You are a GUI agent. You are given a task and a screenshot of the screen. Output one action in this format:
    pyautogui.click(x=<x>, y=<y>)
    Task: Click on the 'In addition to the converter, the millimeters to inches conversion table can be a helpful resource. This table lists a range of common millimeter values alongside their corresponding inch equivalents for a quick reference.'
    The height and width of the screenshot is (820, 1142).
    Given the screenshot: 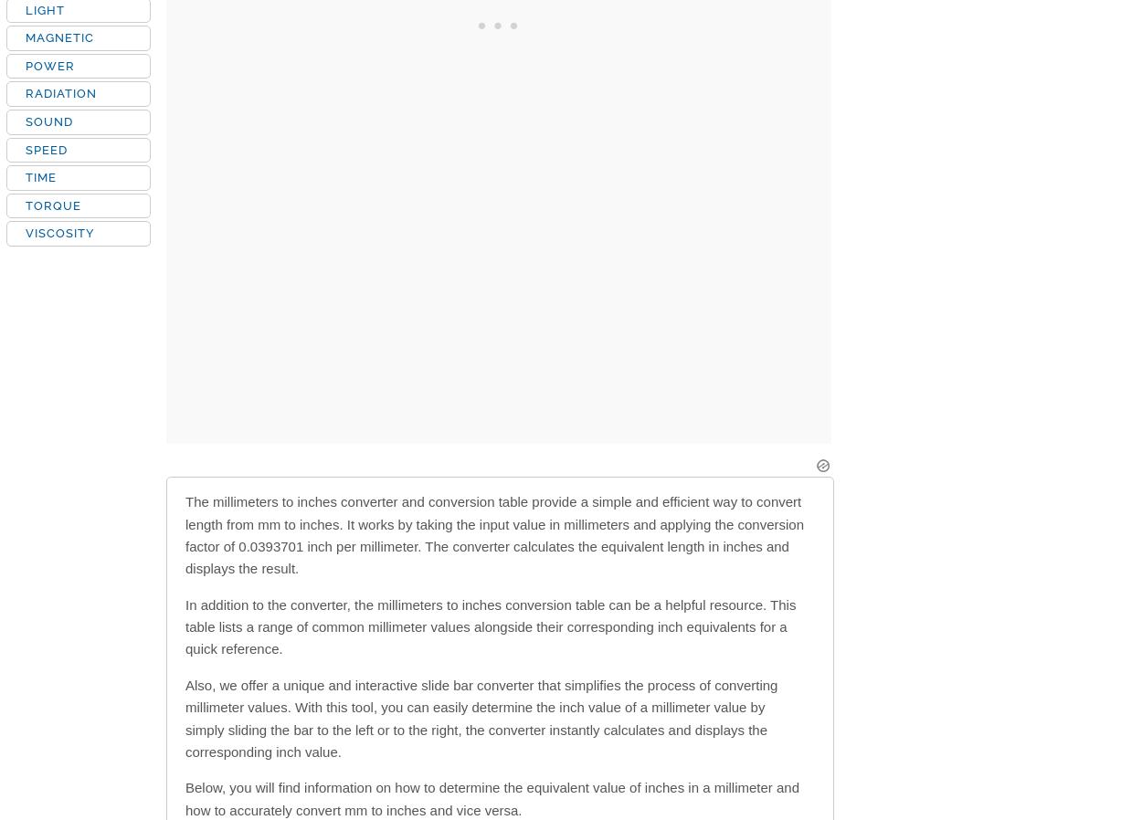 What is the action you would take?
    pyautogui.click(x=491, y=626)
    